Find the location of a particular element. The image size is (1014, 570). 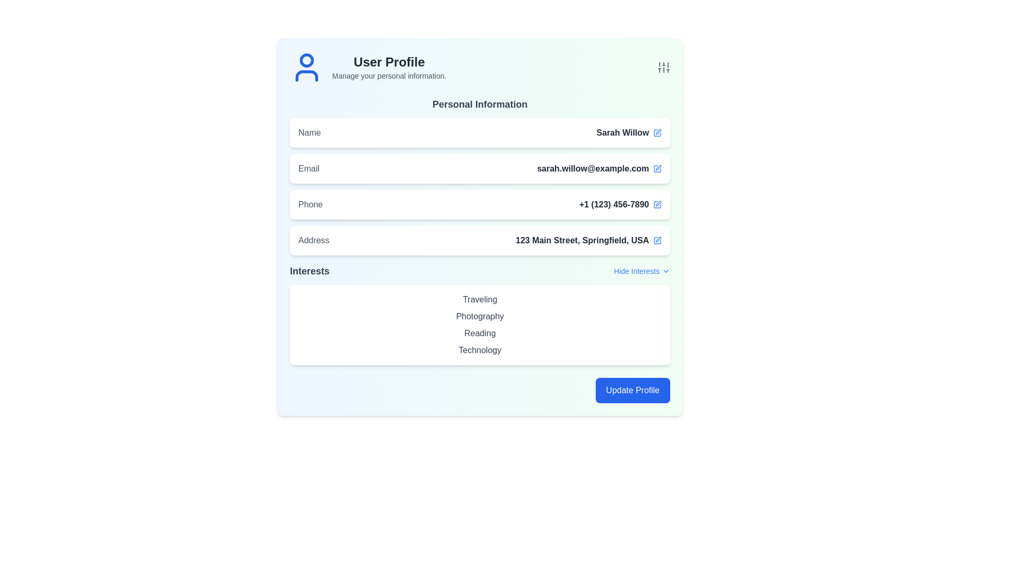

guidance text 'Manage your personal information.' located below the 'User Profile' heading, aligned to the left is located at coordinates (389, 75).